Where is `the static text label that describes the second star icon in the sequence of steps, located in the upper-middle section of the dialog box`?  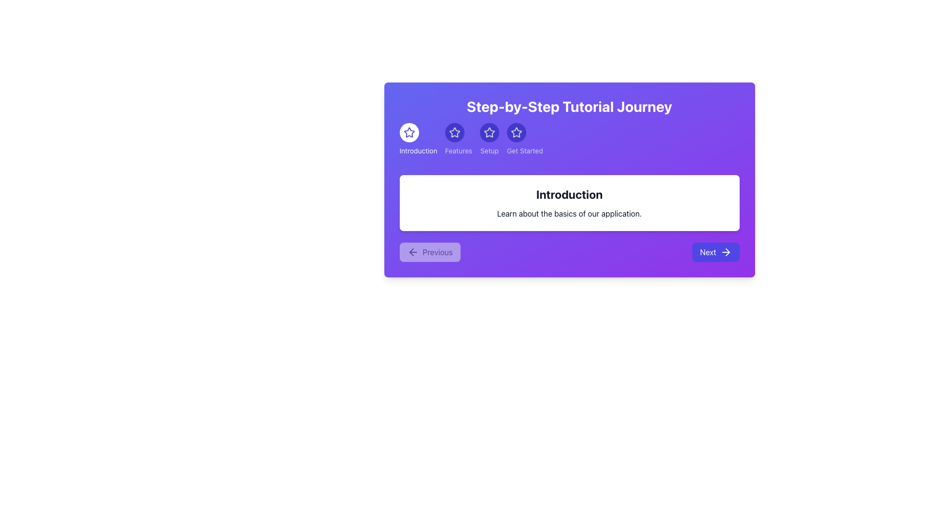
the static text label that describes the second star icon in the sequence of steps, located in the upper-middle section of the dialog box is located at coordinates (458, 151).